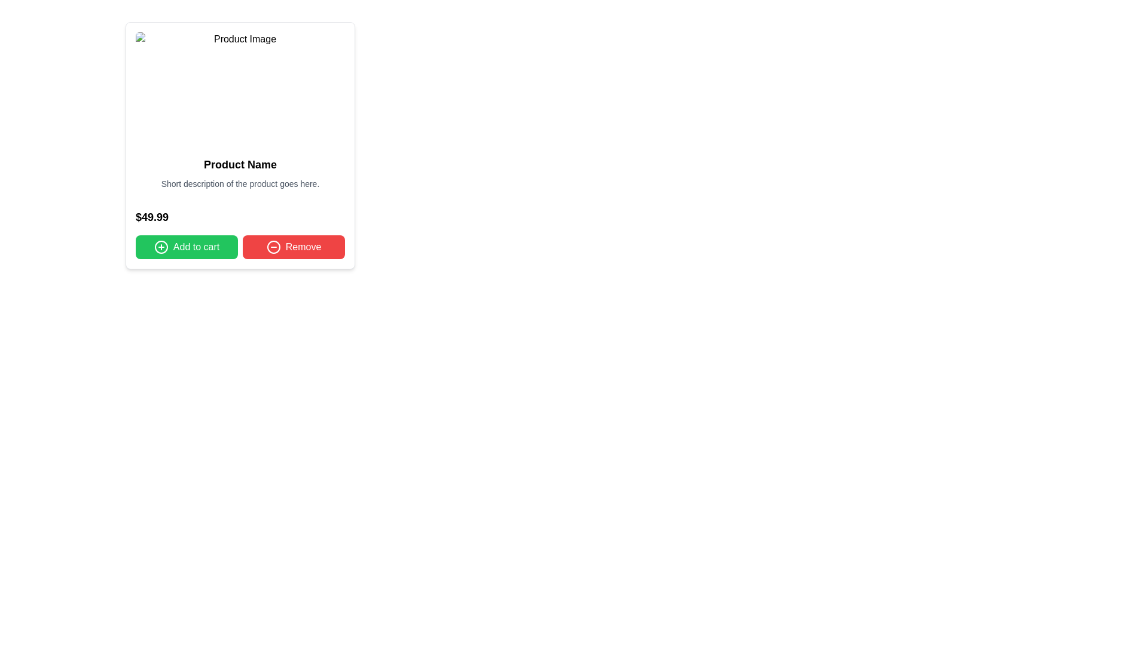 This screenshot has width=1148, height=645. What do you see at coordinates (240, 165) in the screenshot?
I see `the 'Product Name' text label, which is prominently styled in bold and larger font, located in the upper half of the card interface` at bounding box center [240, 165].